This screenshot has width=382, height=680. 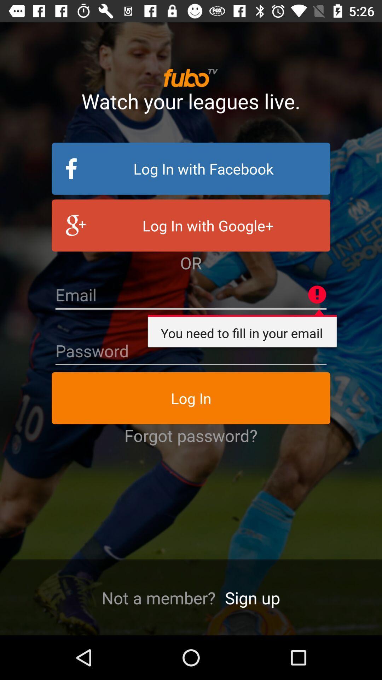 What do you see at coordinates (191, 351) in the screenshot?
I see `password field` at bounding box center [191, 351].